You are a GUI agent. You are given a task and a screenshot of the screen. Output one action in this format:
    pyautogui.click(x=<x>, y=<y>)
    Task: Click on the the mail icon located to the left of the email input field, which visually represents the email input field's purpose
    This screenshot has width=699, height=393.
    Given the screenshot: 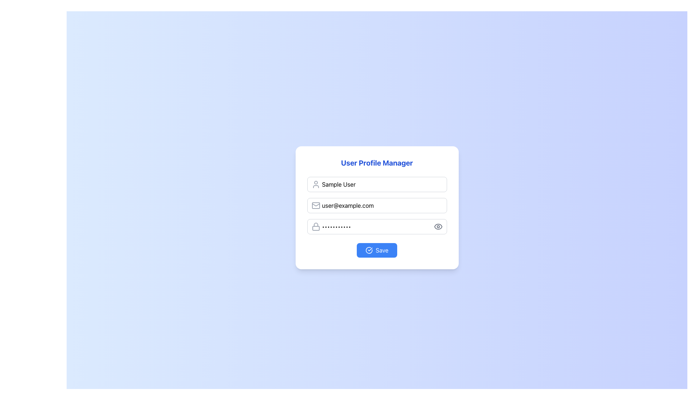 What is the action you would take?
    pyautogui.click(x=316, y=205)
    